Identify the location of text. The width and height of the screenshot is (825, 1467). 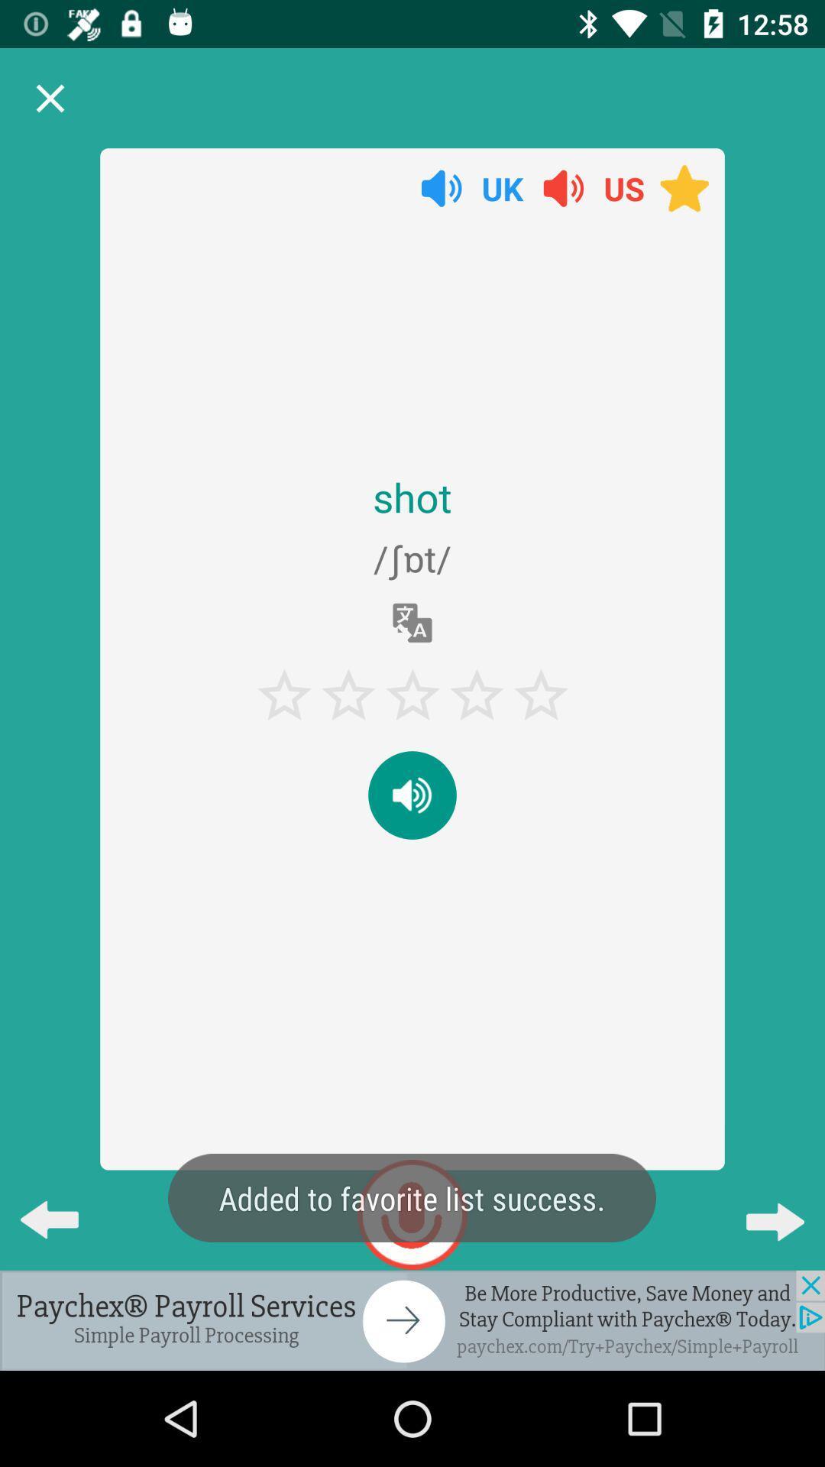
(412, 795).